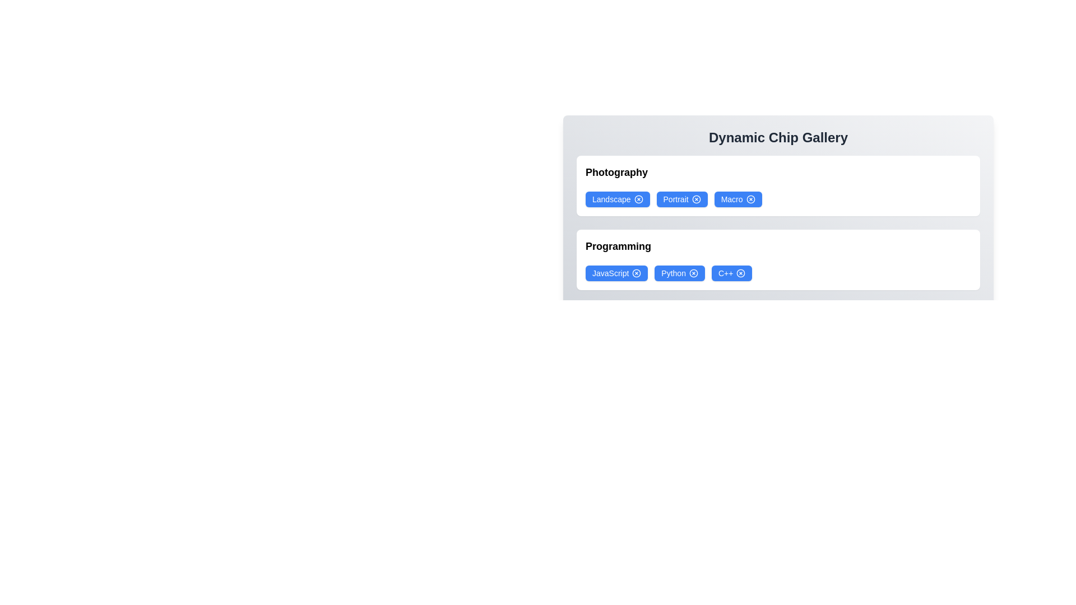  Describe the element at coordinates (750, 198) in the screenshot. I see `'X' icon on the chip labeled Macro to remove it` at that location.